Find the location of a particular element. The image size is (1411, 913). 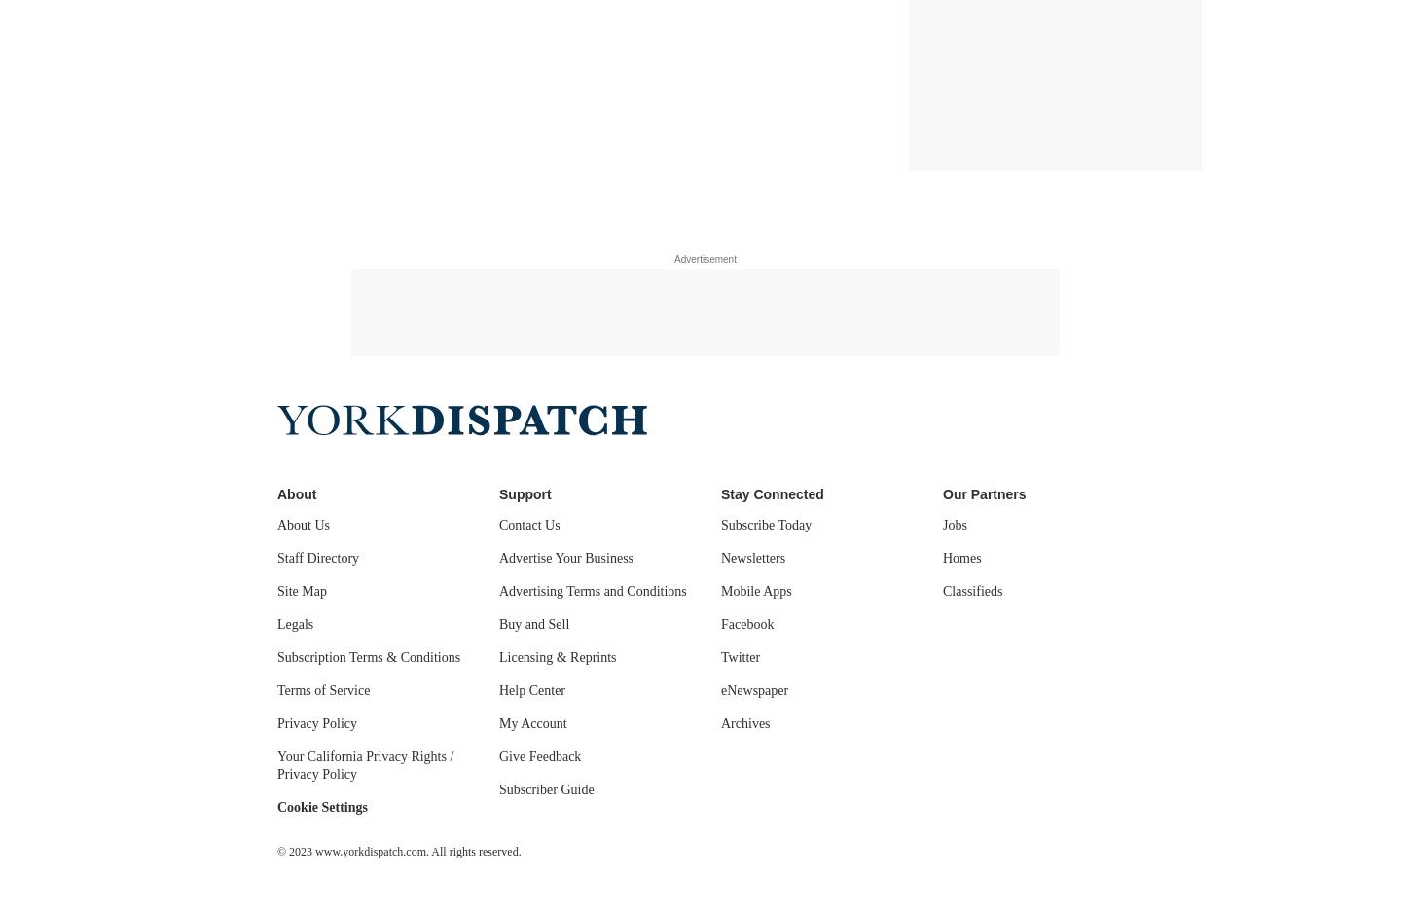

'About Us' is located at coordinates (304, 525).